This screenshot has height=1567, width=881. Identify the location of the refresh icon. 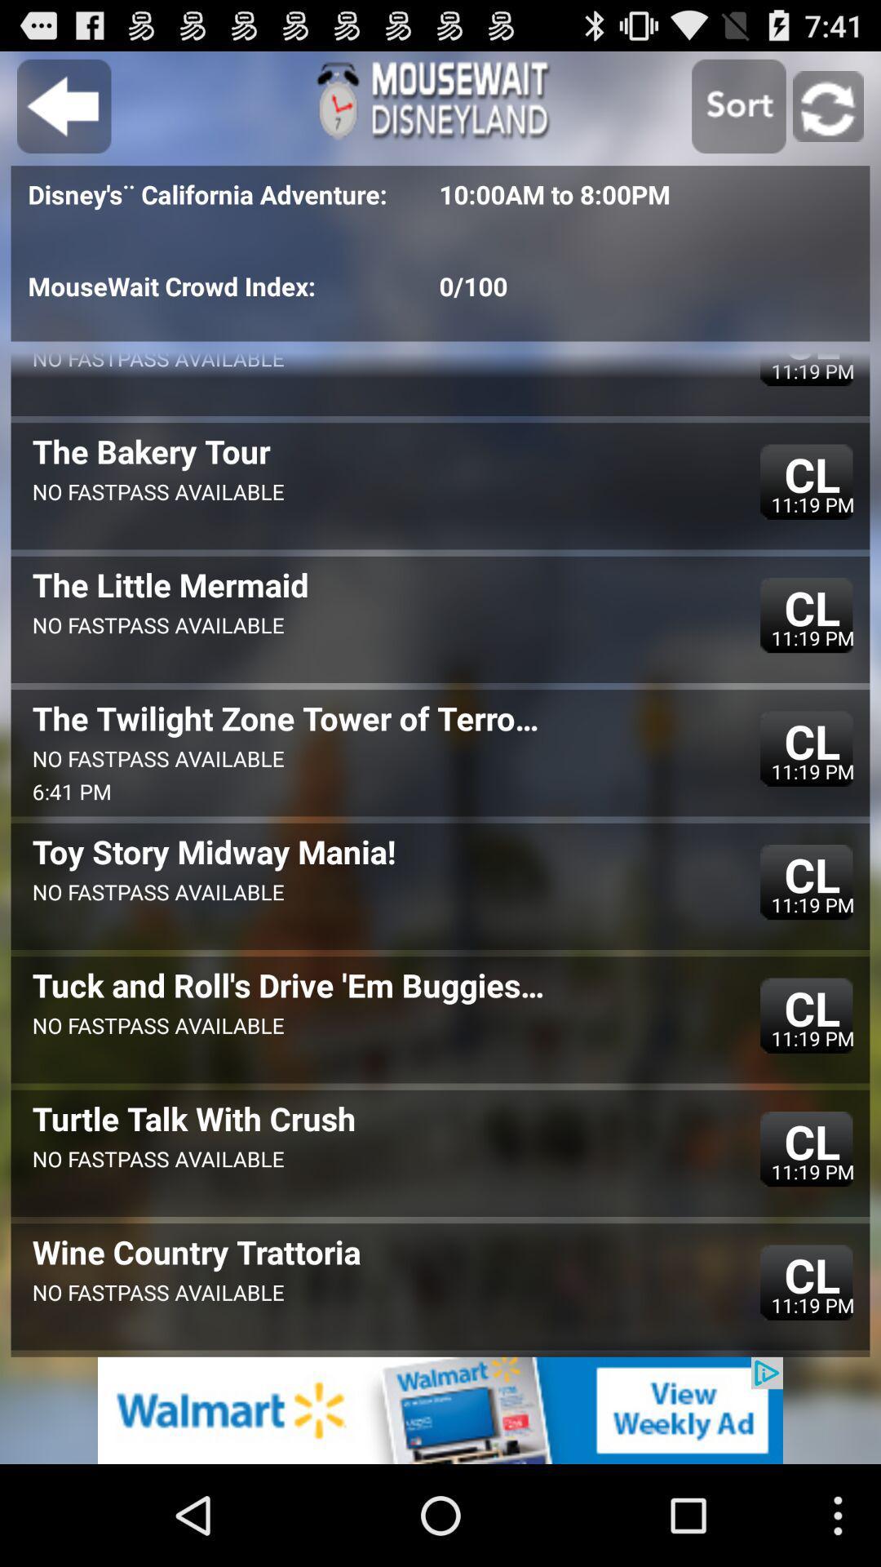
(828, 113).